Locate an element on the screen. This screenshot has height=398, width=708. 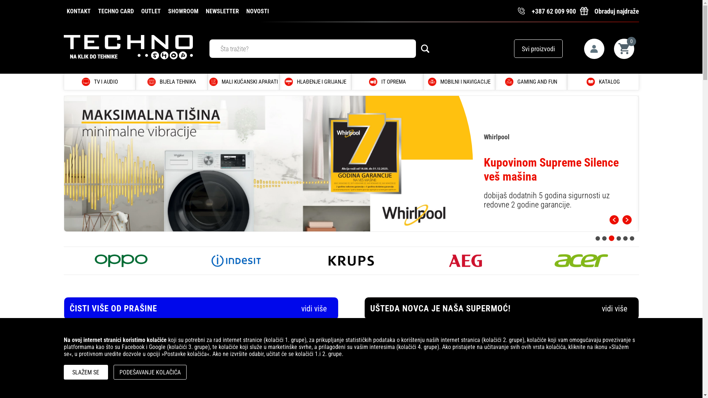
'NEWSLETTER' is located at coordinates (222, 11).